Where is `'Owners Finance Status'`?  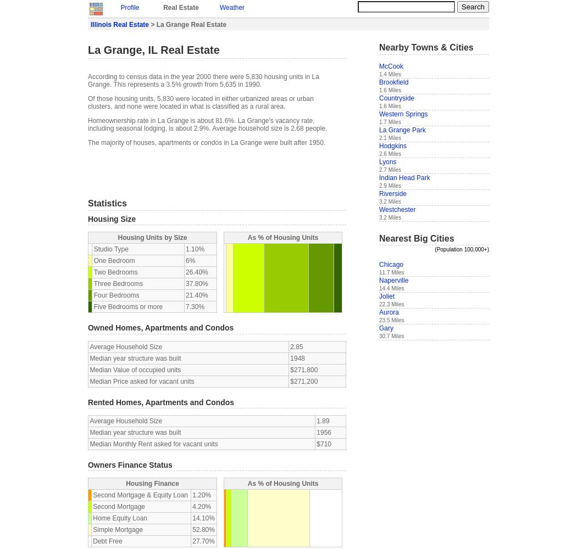
'Owners Finance Status' is located at coordinates (88, 464).